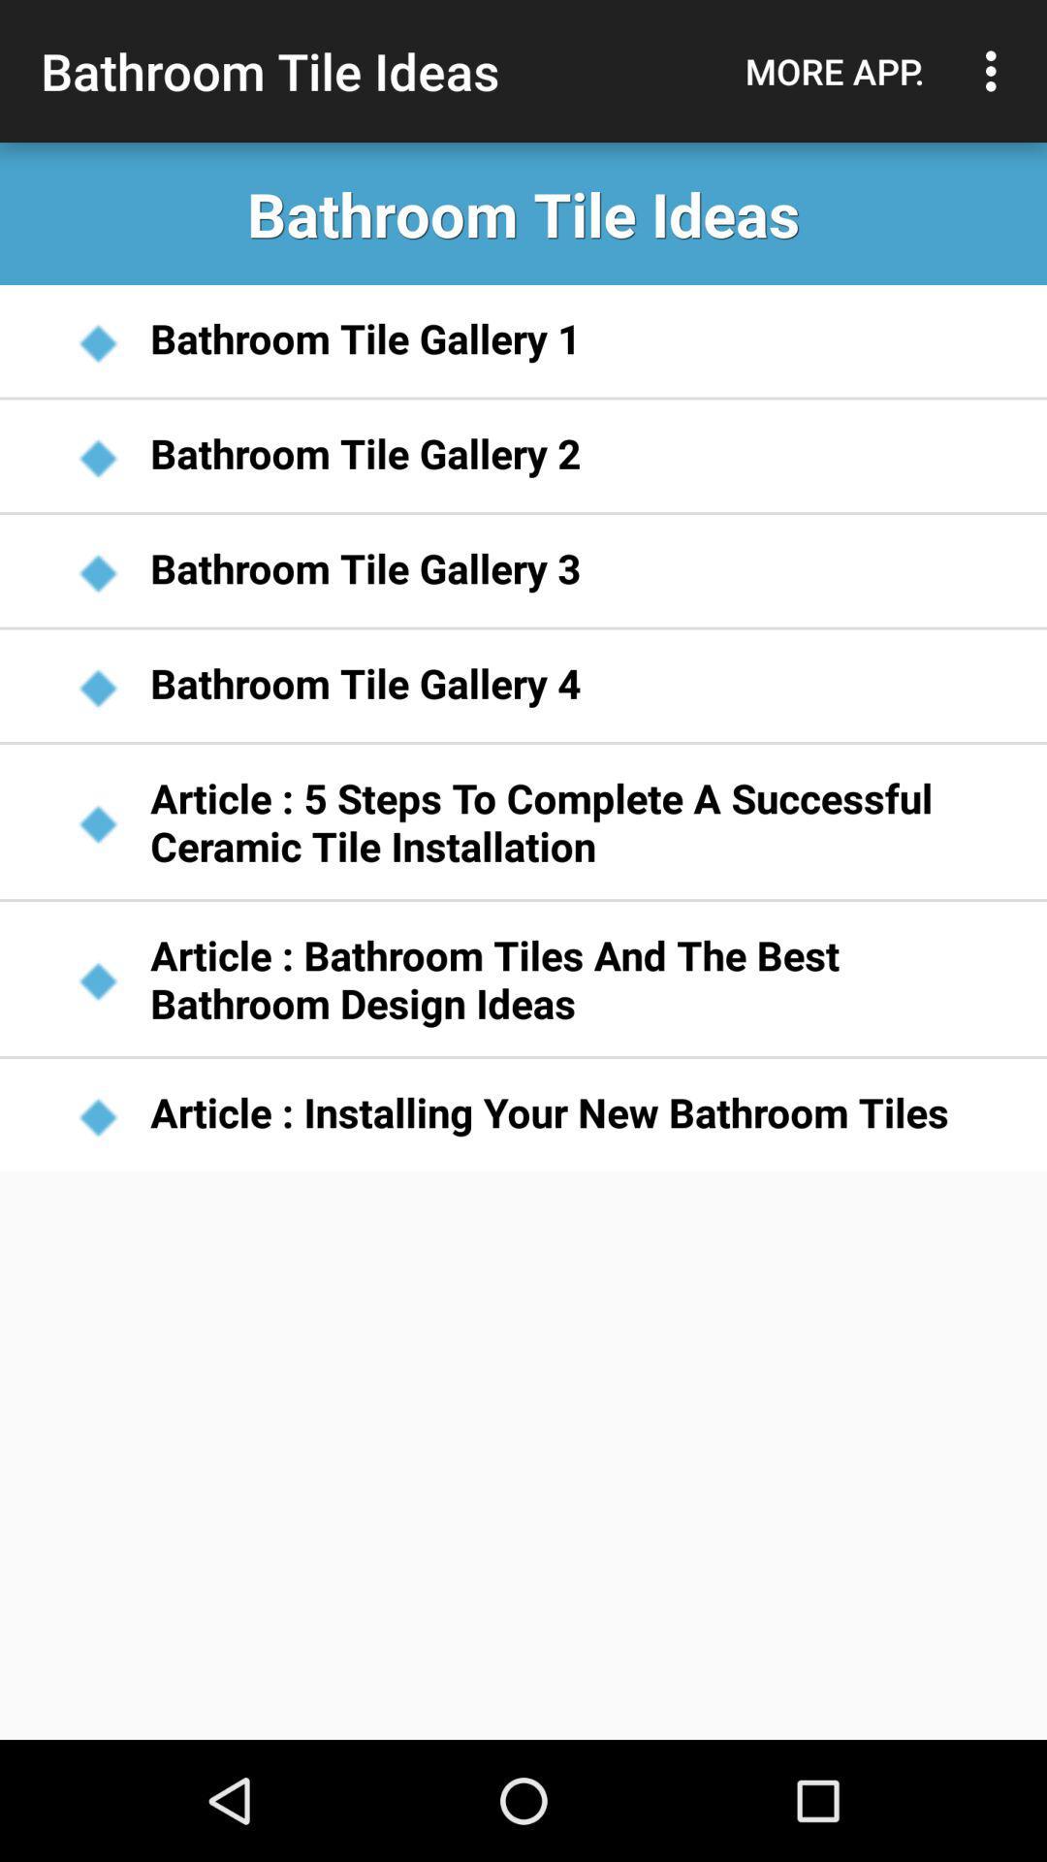  Describe the element at coordinates (996, 71) in the screenshot. I see `the app above bathroom tile ideas icon` at that location.